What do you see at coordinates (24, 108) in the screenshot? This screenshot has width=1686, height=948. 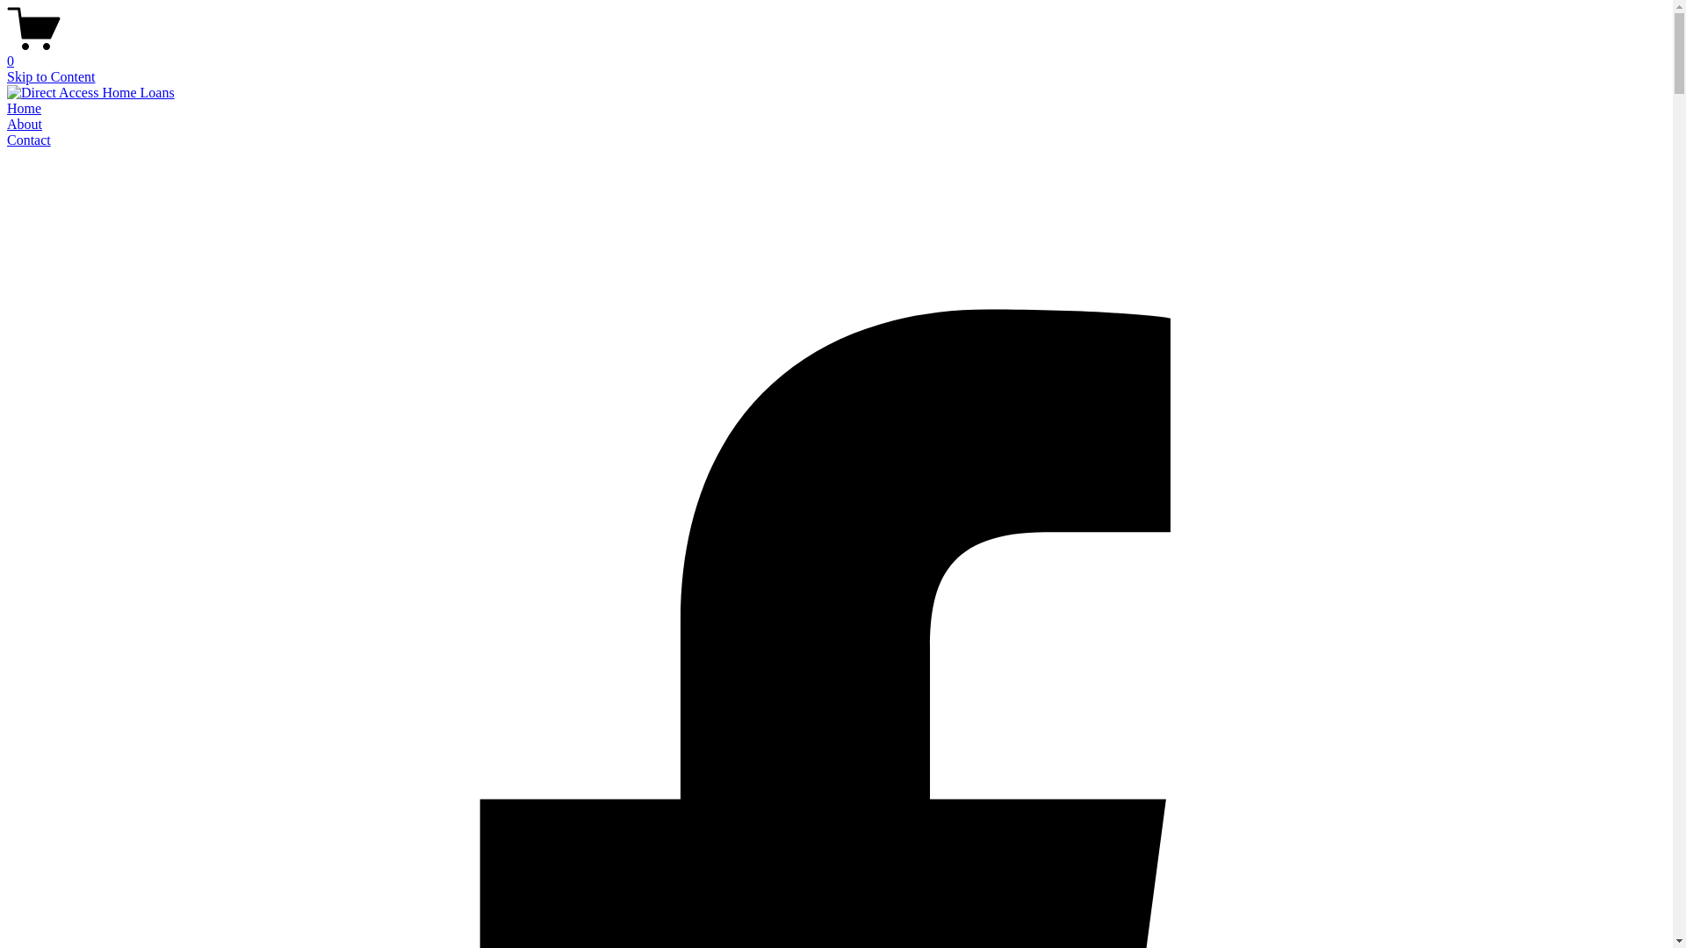 I see `'Home'` at bounding box center [24, 108].